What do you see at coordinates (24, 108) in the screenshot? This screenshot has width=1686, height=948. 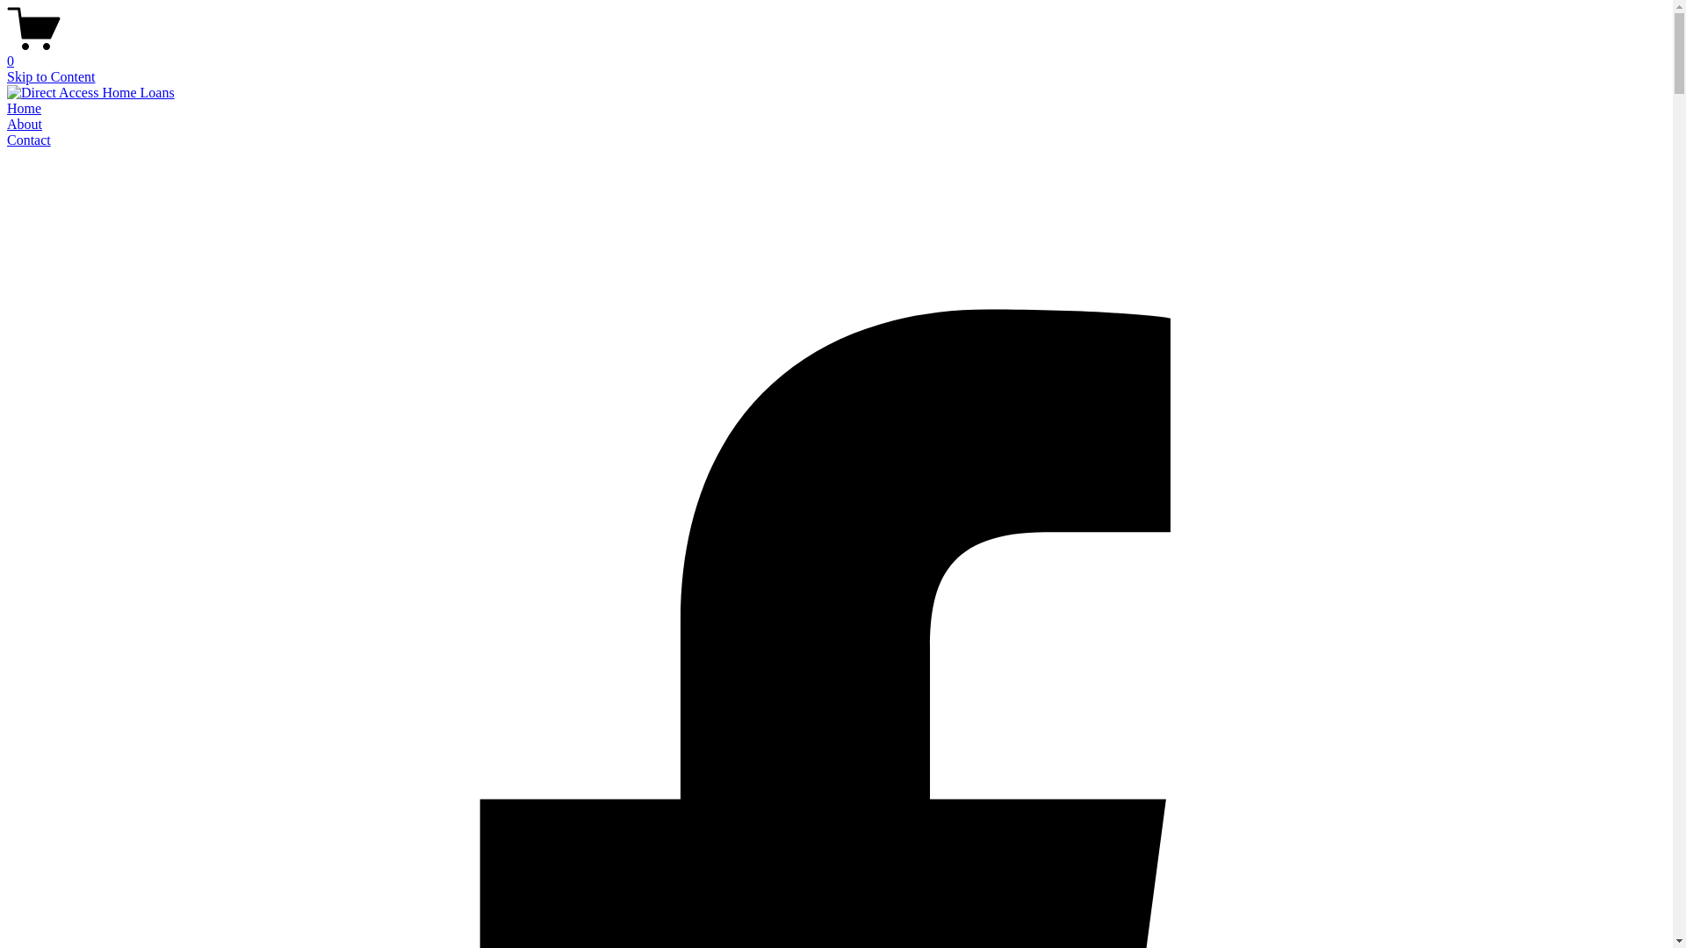 I see `'Home'` at bounding box center [24, 108].